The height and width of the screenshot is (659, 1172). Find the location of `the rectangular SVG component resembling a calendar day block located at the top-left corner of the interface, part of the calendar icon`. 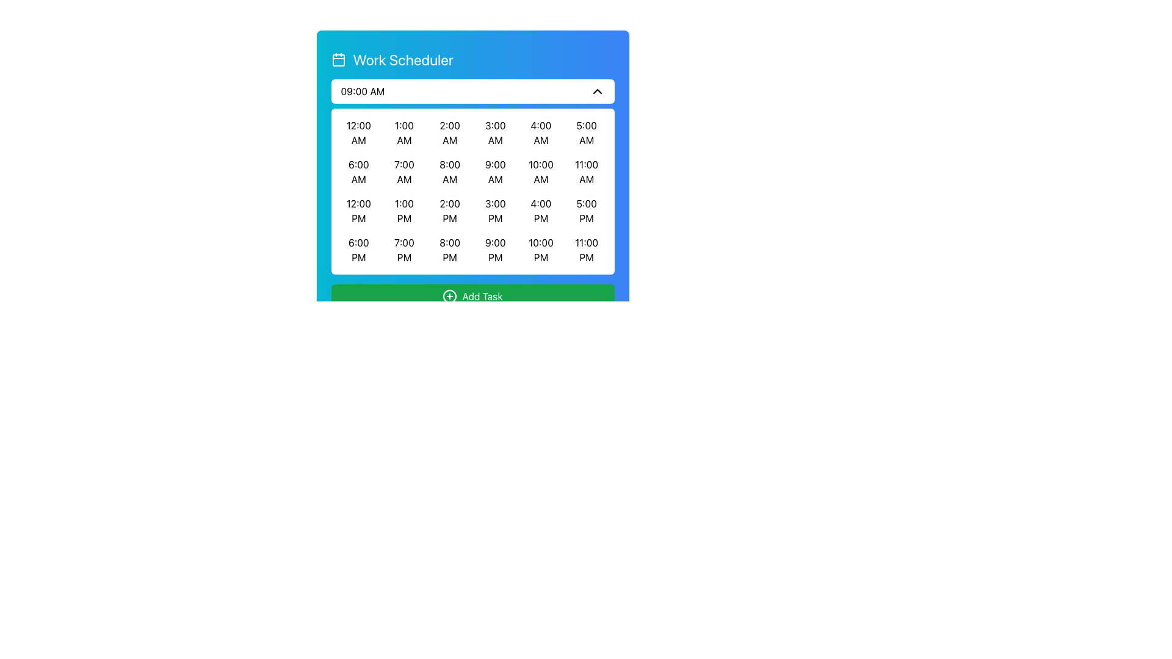

the rectangular SVG component resembling a calendar day block located at the top-left corner of the interface, part of the calendar icon is located at coordinates (338, 60).